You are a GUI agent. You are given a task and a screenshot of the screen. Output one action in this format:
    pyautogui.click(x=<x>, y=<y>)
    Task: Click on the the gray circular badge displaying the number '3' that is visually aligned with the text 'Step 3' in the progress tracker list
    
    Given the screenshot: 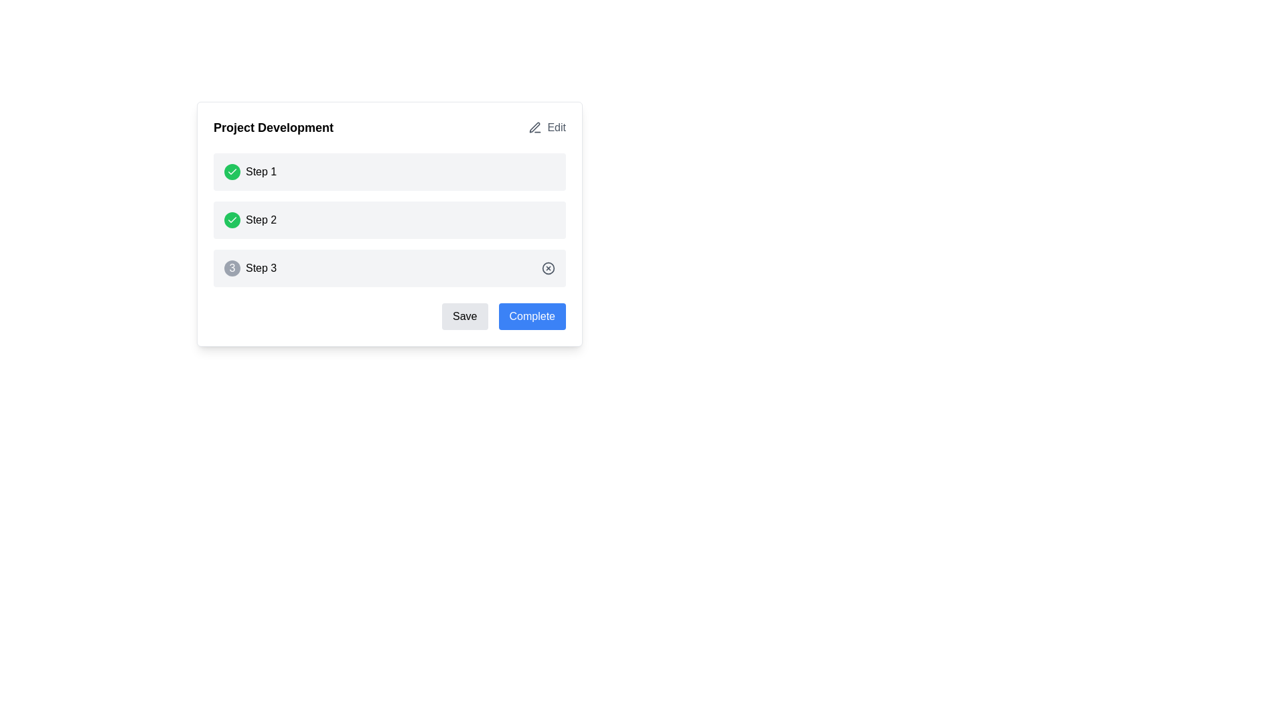 What is the action you would take?
    pyautogui.click(x=232, y=268)
    